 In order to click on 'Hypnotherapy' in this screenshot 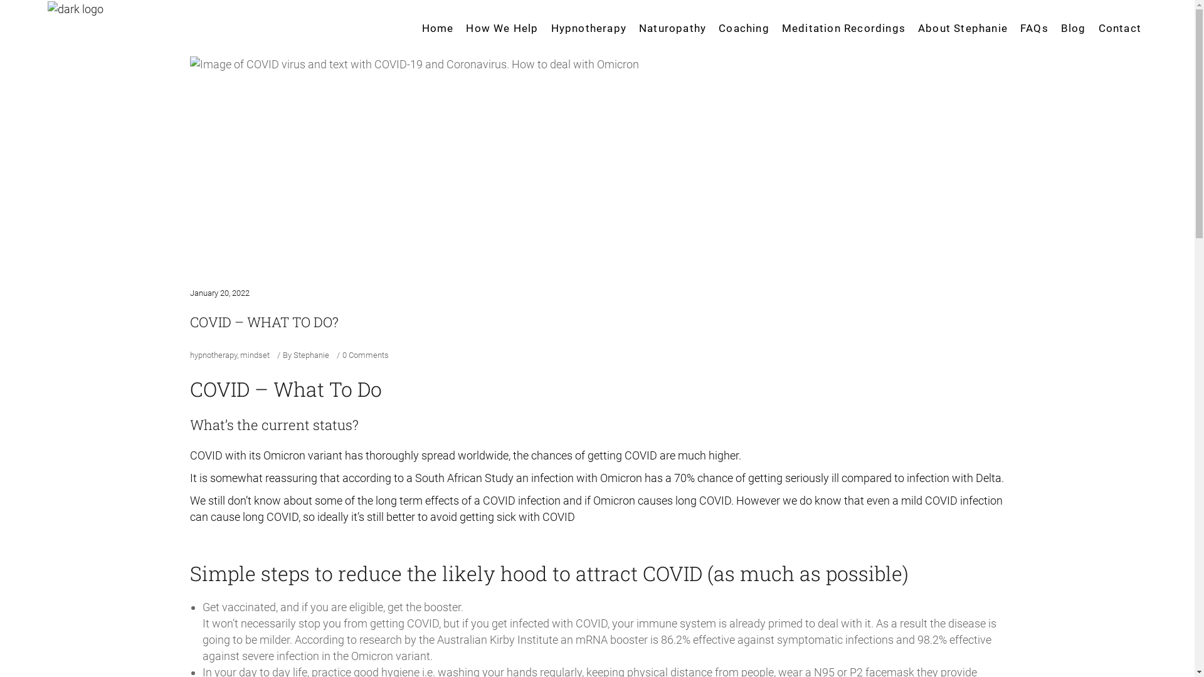, I will do `click(588, 28)`.